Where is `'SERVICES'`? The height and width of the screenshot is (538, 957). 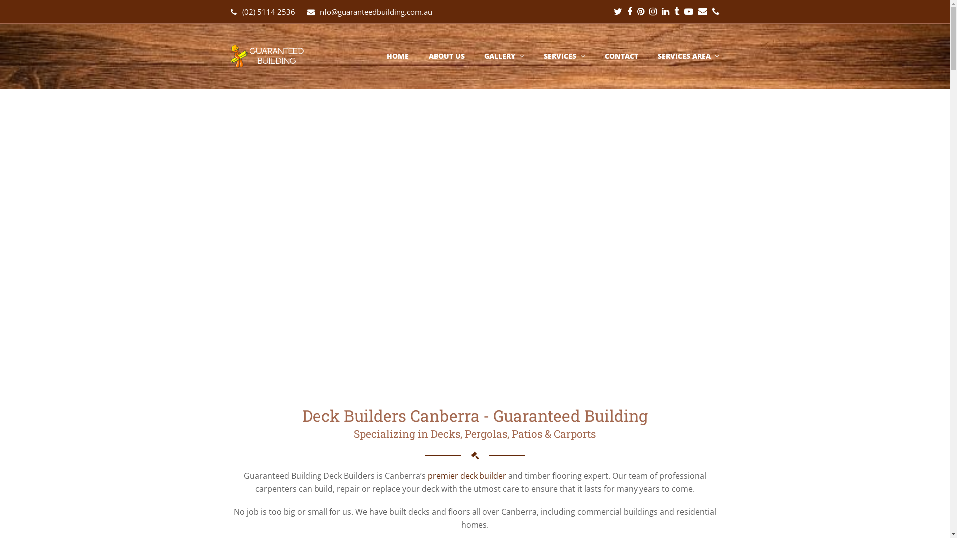
'SERVICES' is located at coordinates (564, 56).